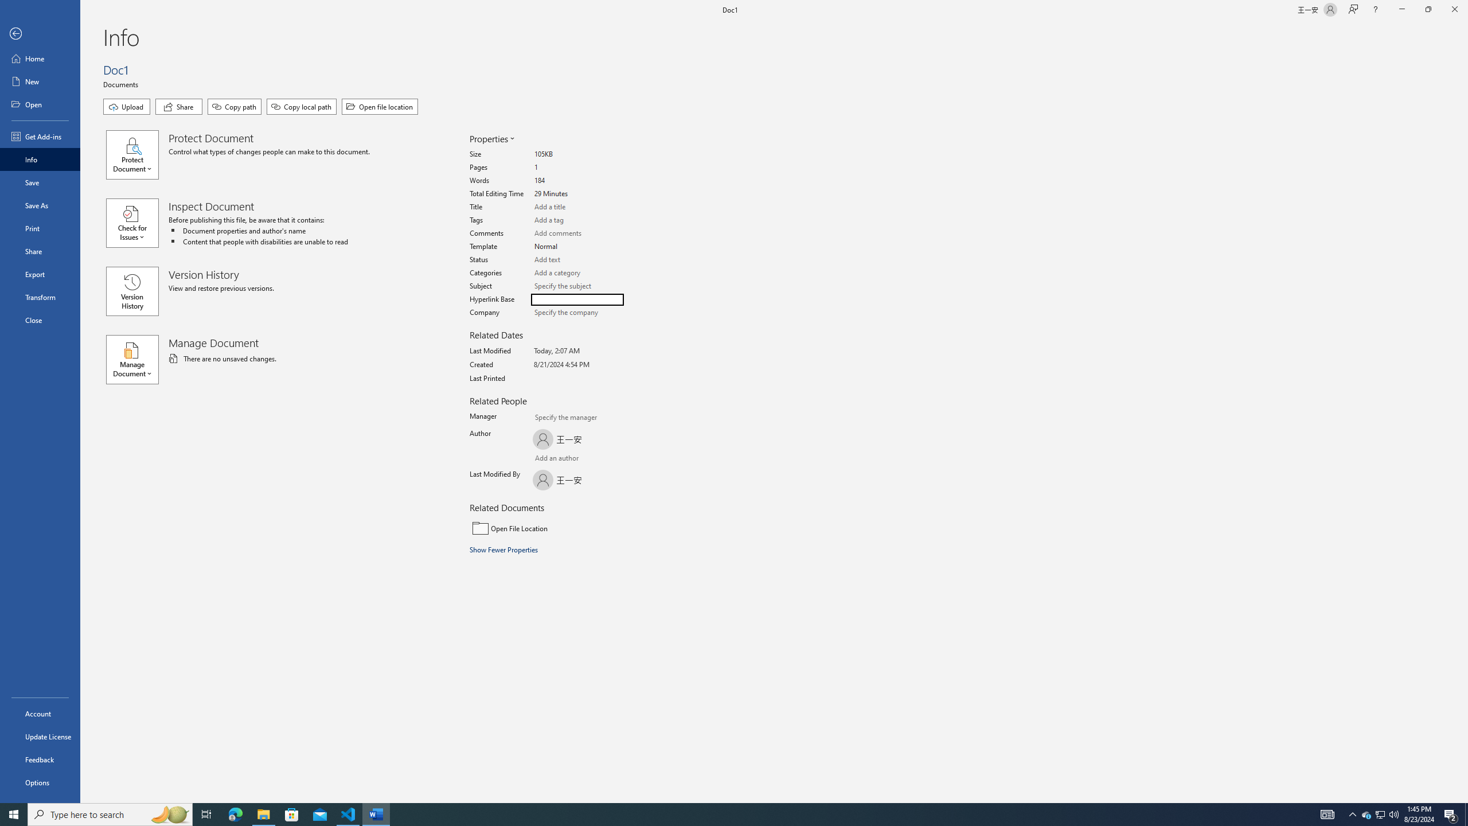 This screenshot has height=826, width=1468. I want to click on 'Save', so click(40, 182).